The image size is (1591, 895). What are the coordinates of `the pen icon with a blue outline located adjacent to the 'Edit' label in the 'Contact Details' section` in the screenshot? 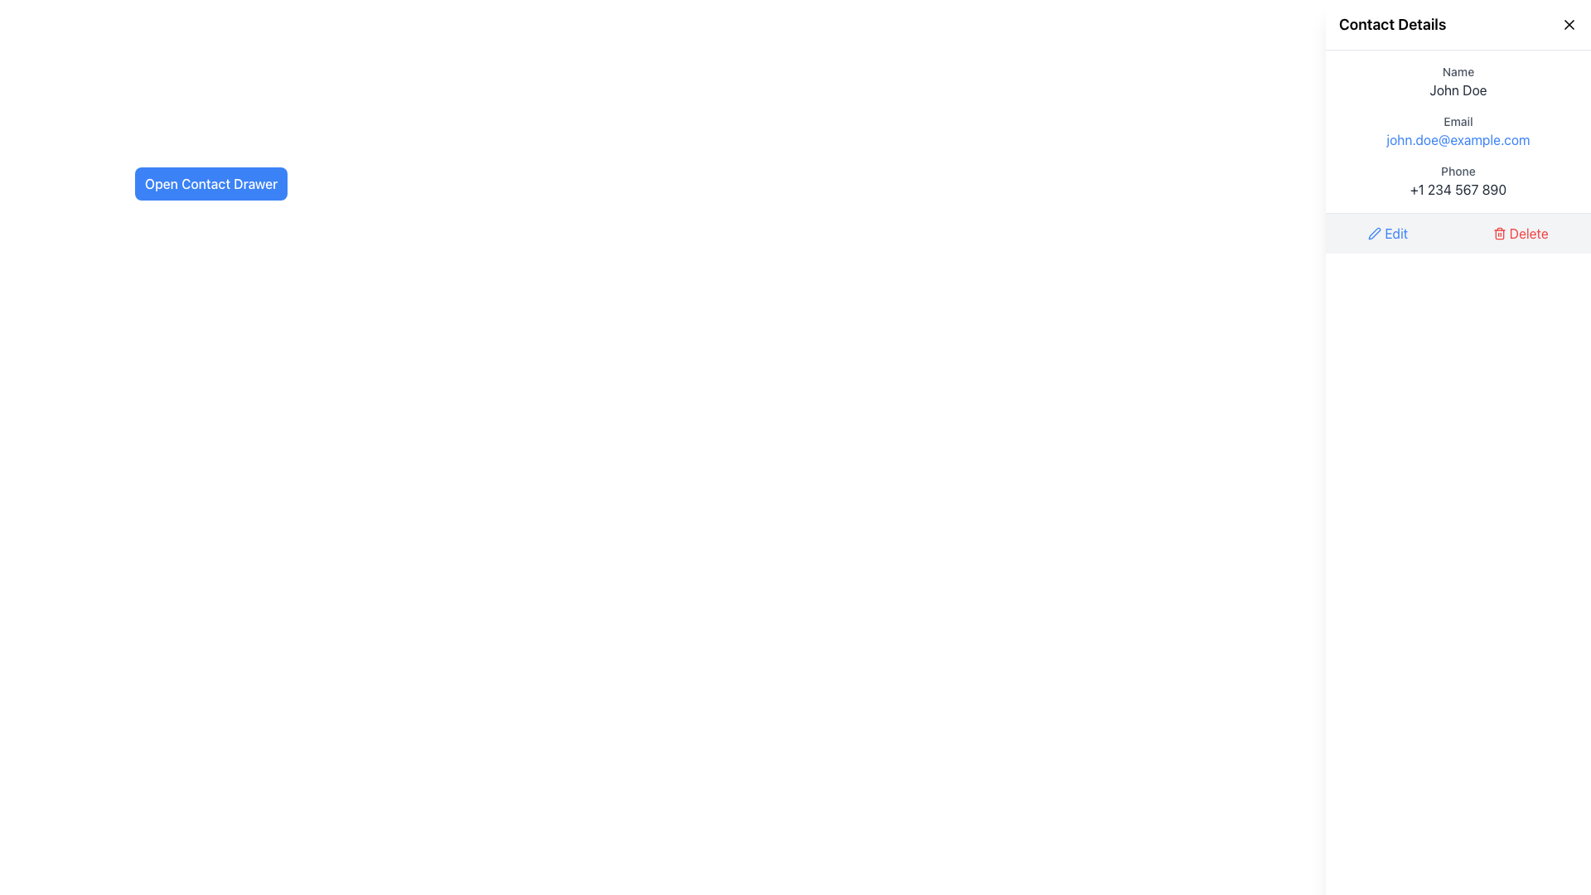 It's located at (1375, 233).